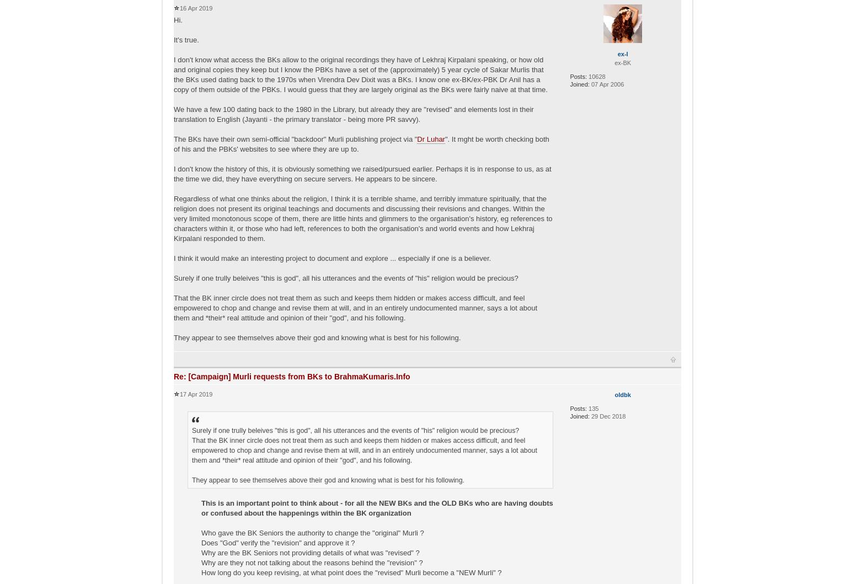  What do you see at coordinates (622, 53) in the screenshot?
I see `'ex-l'` at bounding box center [622, 53].